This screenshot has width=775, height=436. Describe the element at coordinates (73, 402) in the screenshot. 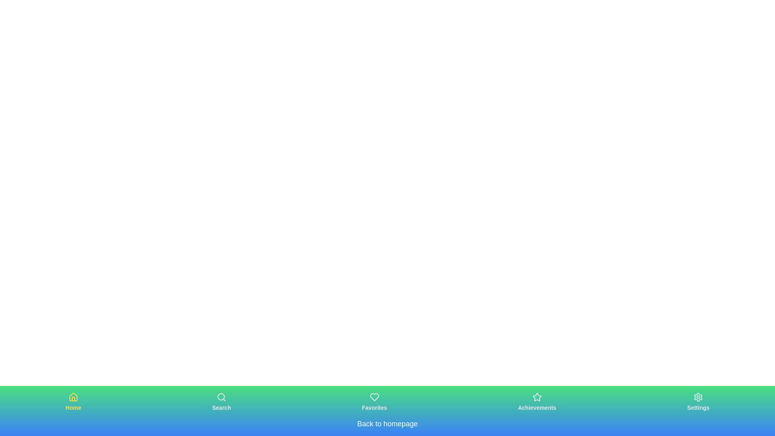

I see `the Home navigation button` at that location.